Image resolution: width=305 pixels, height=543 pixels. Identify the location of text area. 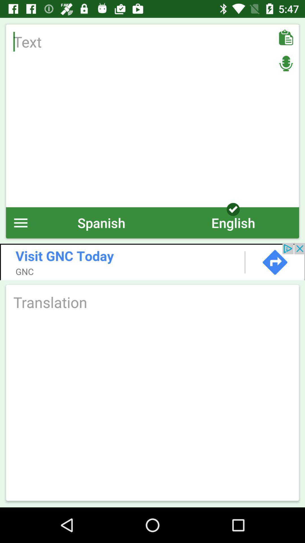
(152, 115).